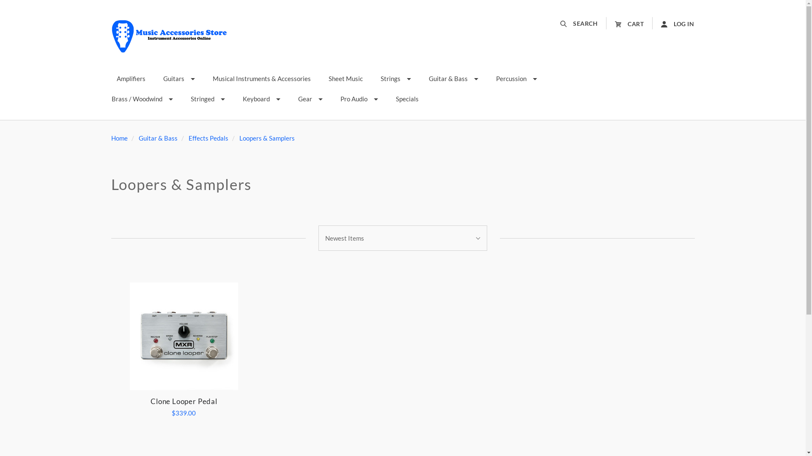  I want to click on 'Percussion', so click(516, 79).